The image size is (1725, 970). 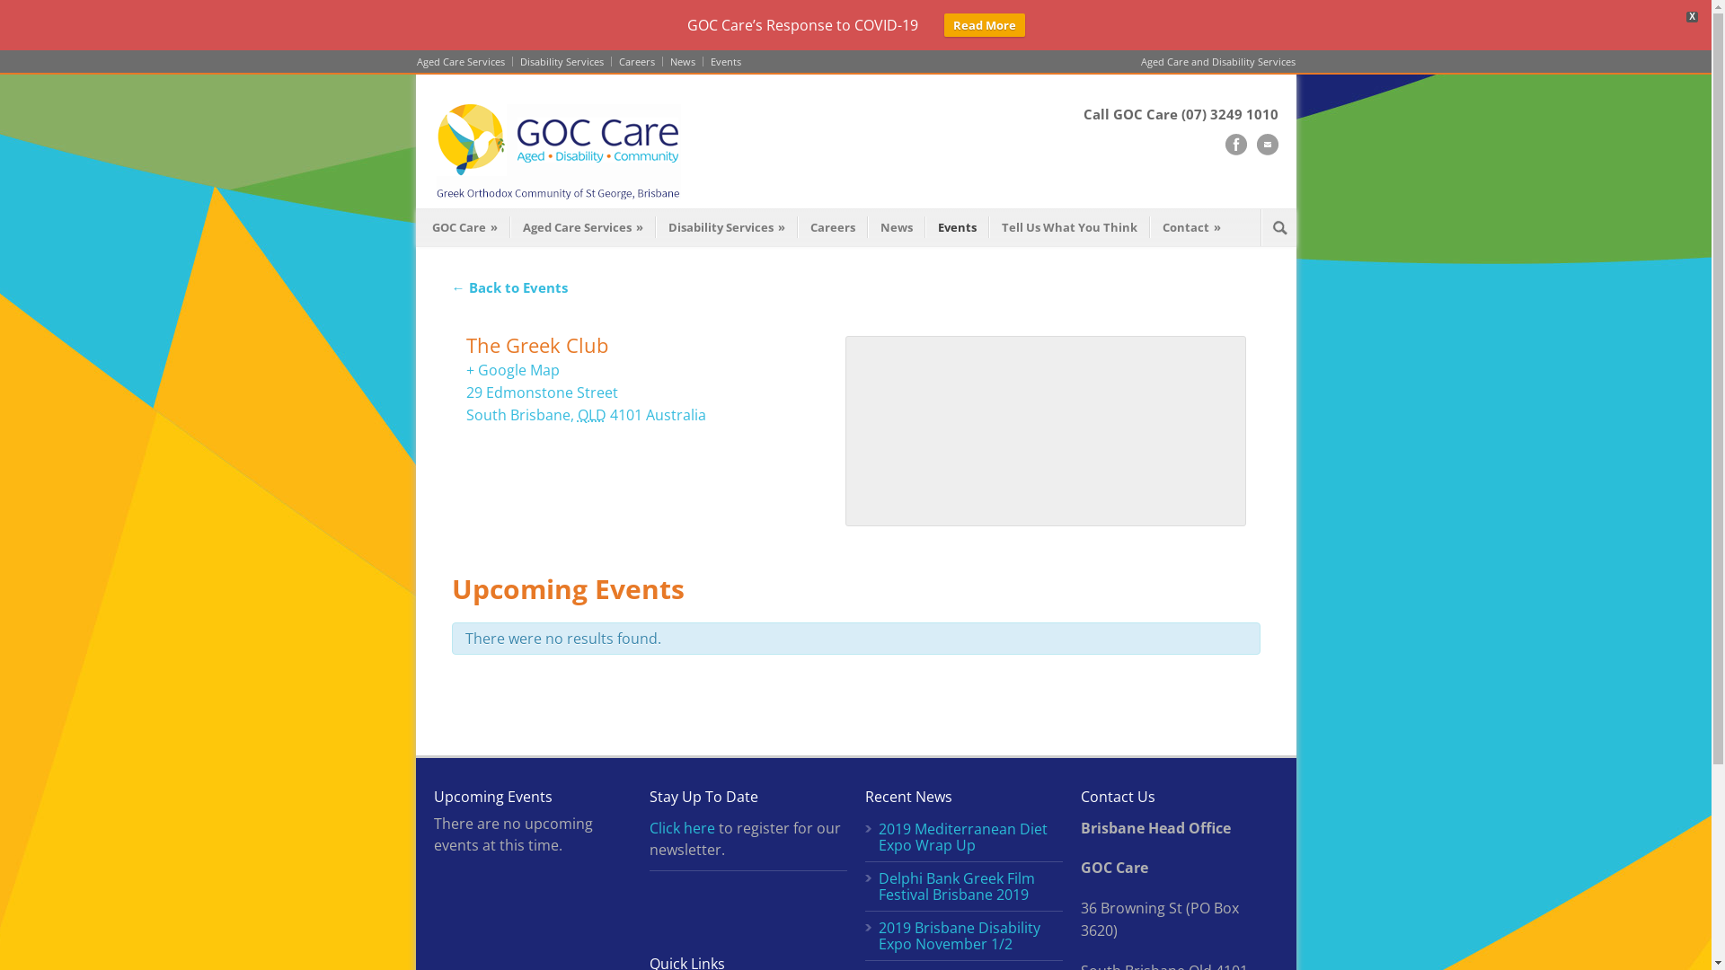 I want to click on 'News', so click(x=682, y=60).